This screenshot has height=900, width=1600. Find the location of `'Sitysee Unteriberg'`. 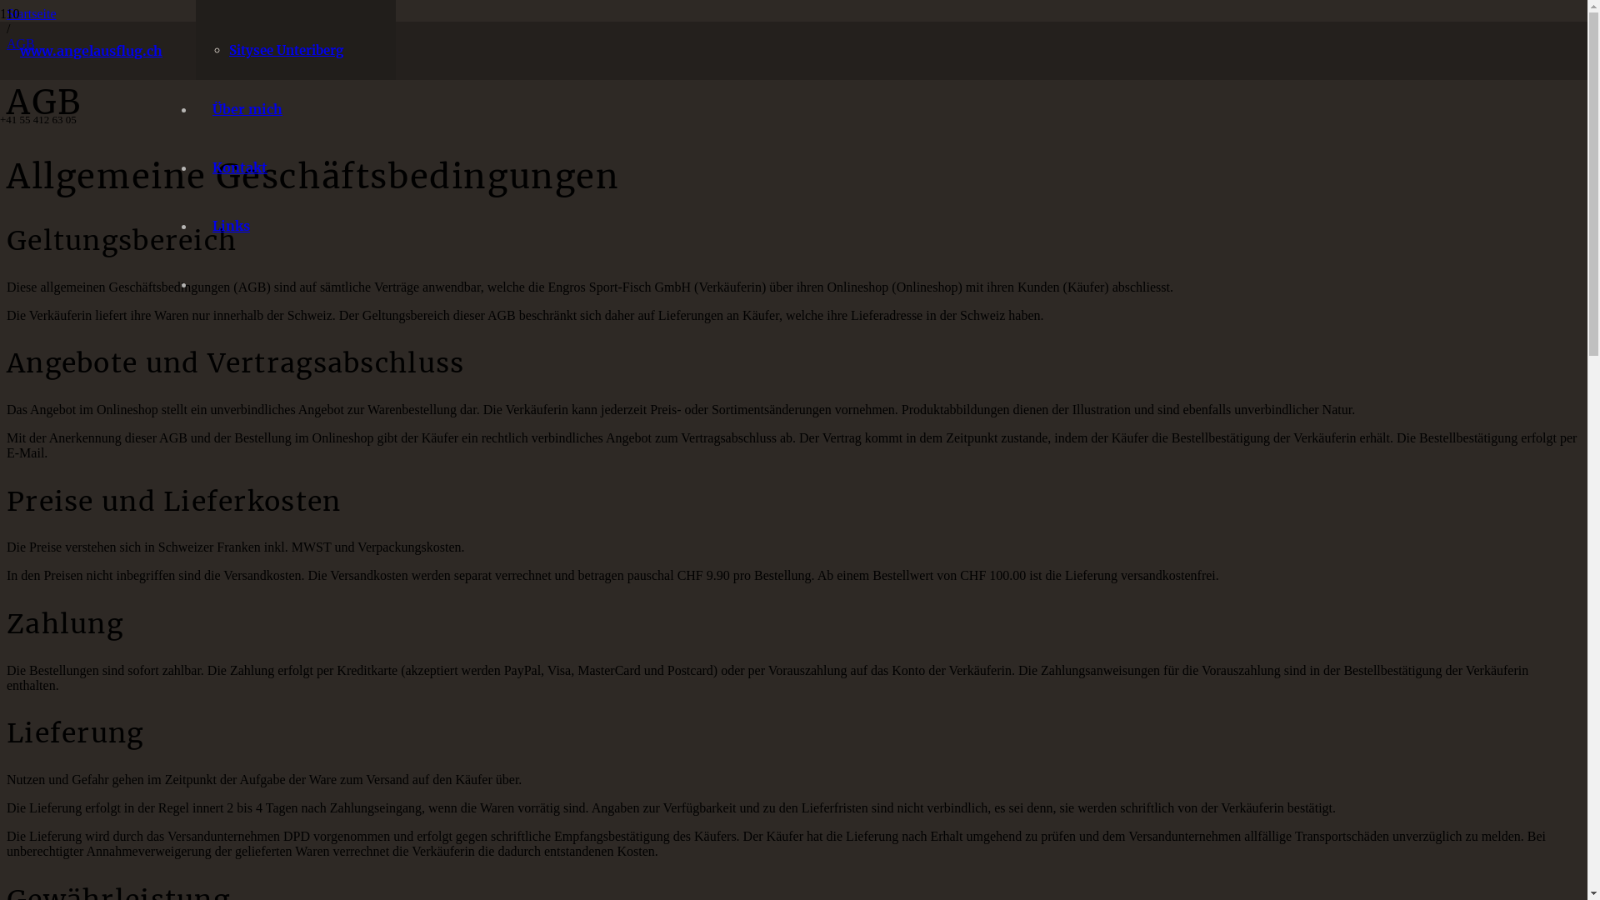

'Sitysee Unteriberg' is located at coordinates (227, 49).